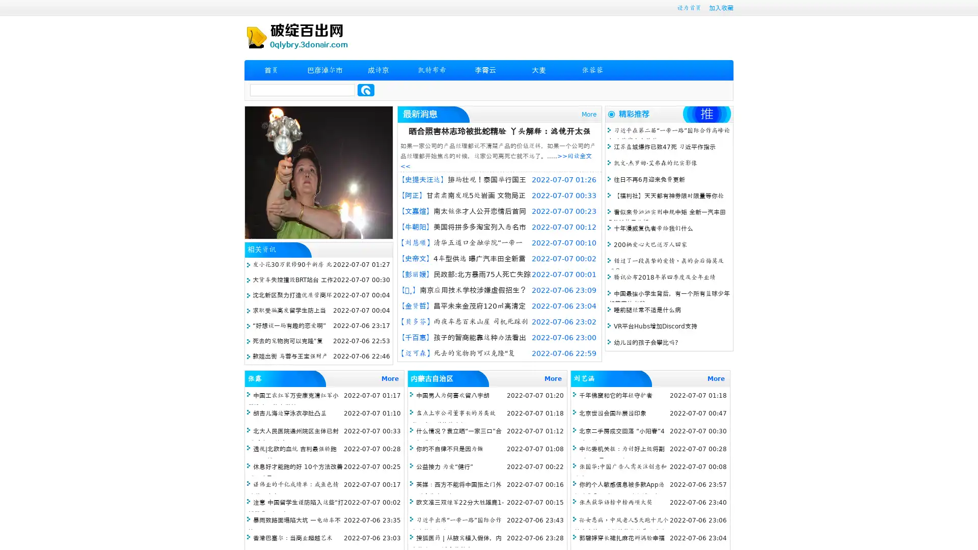 The image size is (978, 550). Describe the element at coordinates (366, 90) in the screenshot. I see `Search` at that location.